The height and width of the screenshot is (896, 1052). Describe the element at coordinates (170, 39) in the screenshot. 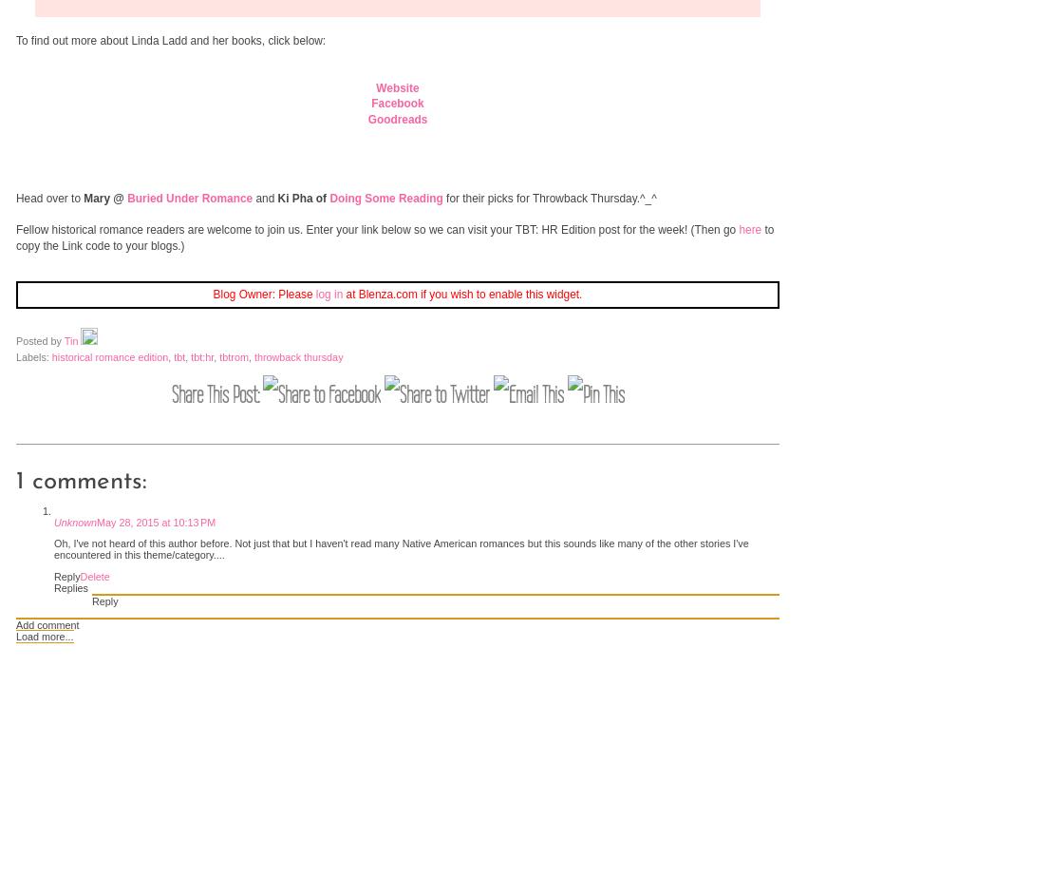

I see `'To find out more about Linda Ladd and her books, click below:'` at that location.